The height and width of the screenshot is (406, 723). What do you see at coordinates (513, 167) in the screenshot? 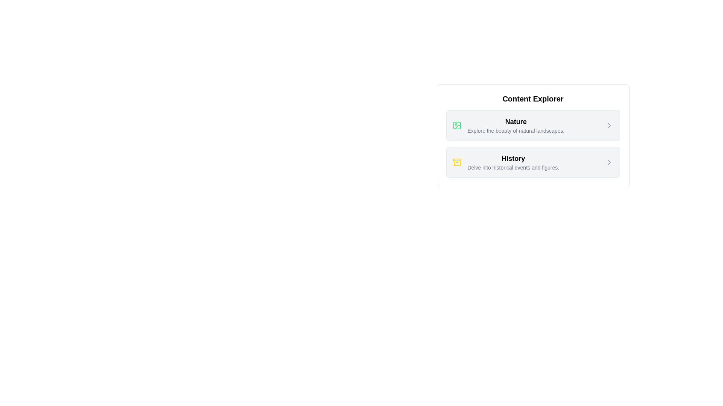
I see `the descriptive text label that reads 'Delve into historical events and figures.' located below the 'History' heading in the 'Content Explorer' section` at bounding box center [513, 167].